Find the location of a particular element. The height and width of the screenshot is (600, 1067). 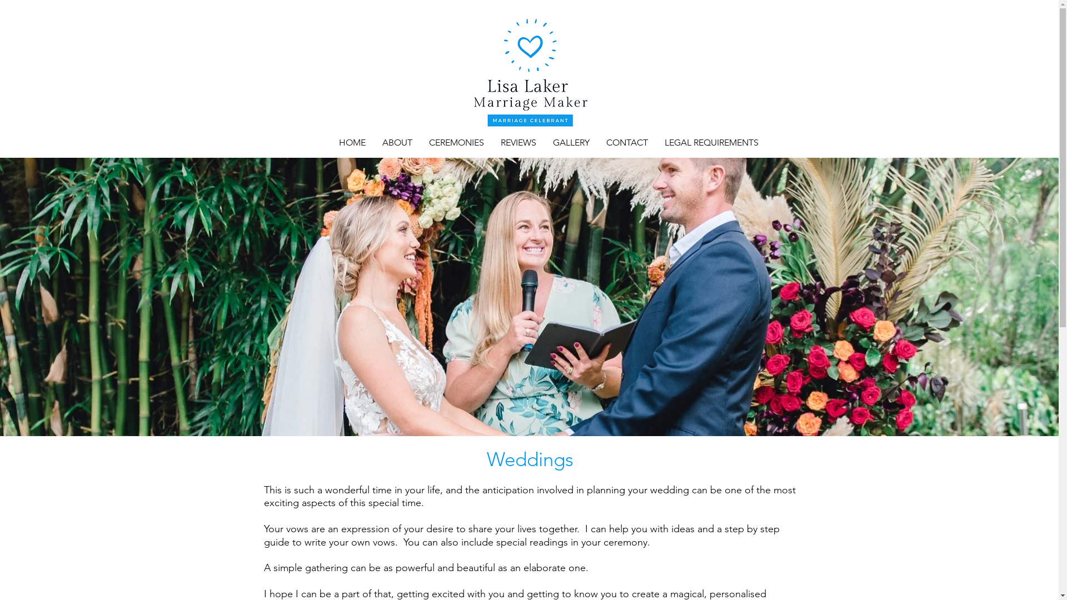

'LEGAL REQUIREMENTS' is located at coordinates (656, 142).